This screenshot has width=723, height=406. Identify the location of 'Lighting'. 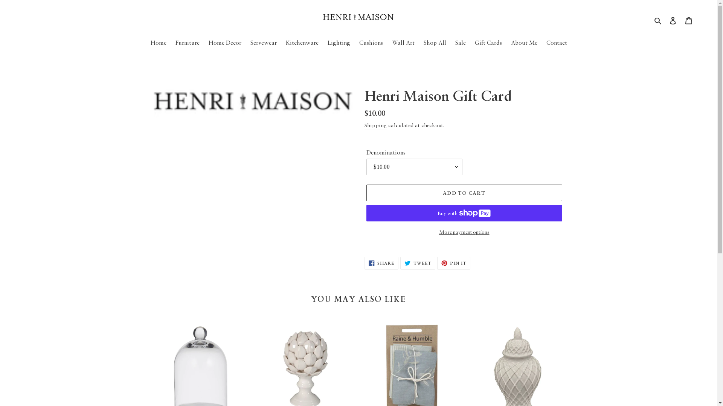
(339, 43).